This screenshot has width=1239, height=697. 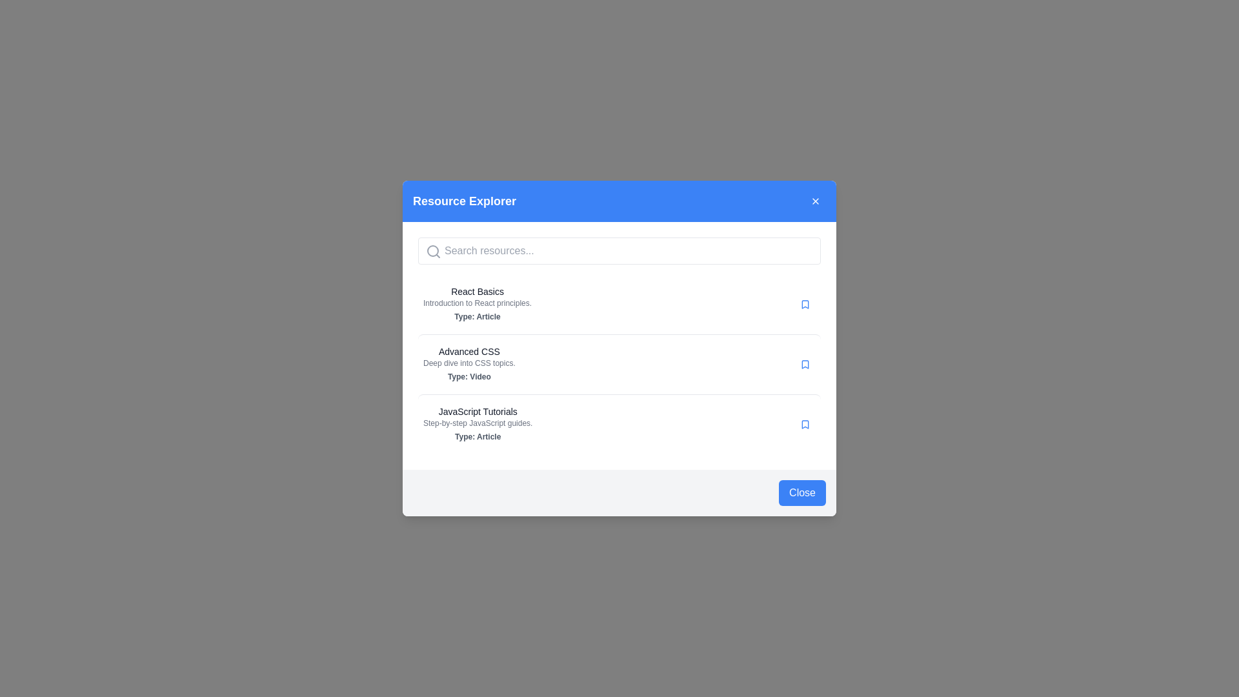 What do you see at coordinates (805, 425) in the screenshot?
I see `the bookmark icon styled as an SVG image, located inside a circular button to the right of 'JavaScript Tutorials,'` at bounding box center [805, 425].